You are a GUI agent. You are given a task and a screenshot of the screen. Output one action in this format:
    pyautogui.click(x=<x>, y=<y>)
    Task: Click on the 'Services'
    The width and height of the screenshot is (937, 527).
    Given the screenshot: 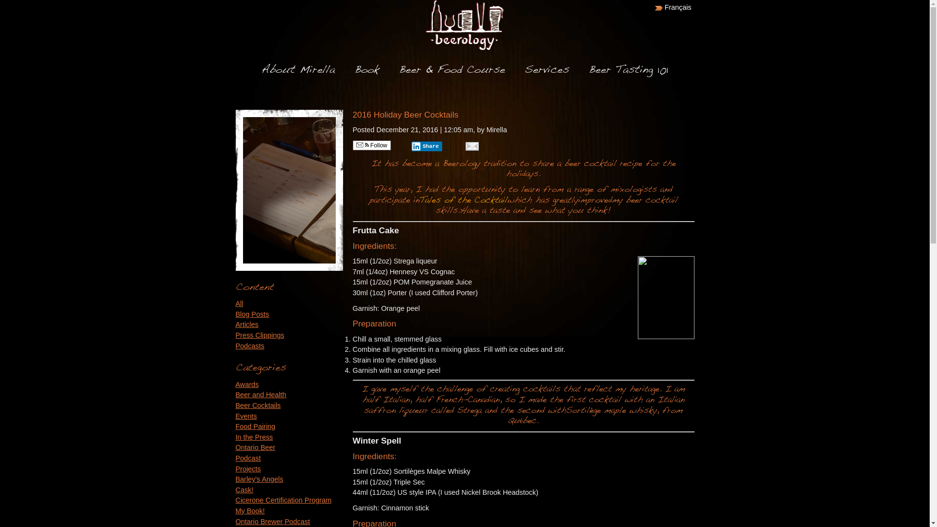 What is the action you would take?
    pyautogui.click(x=524, y=69)
    